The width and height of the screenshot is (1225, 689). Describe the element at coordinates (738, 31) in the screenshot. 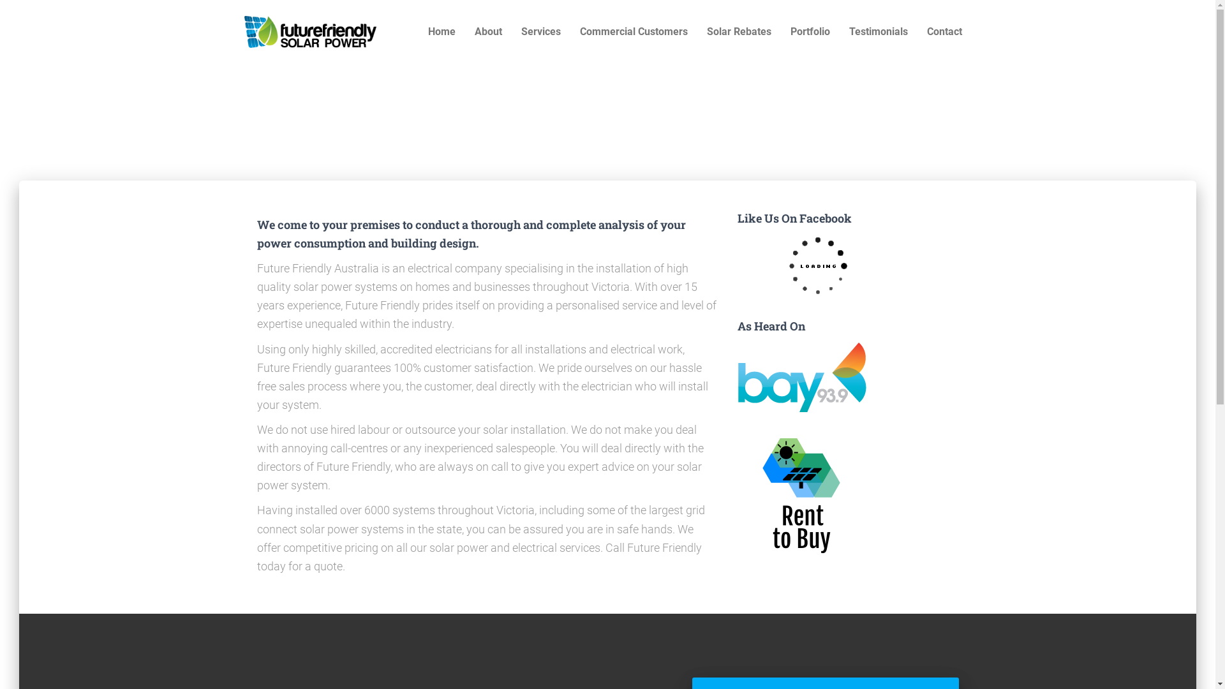

I see `'Solar Rebates'` at that location.